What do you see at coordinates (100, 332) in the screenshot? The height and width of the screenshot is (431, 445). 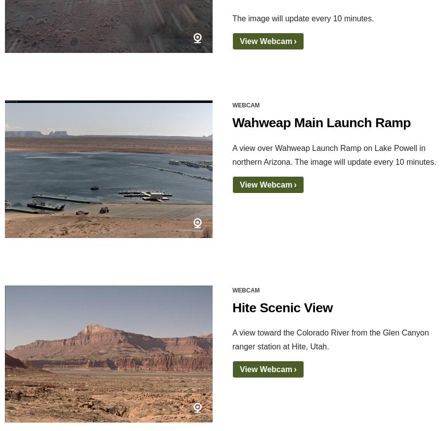 I see `'Twitter'` at bounding box center [100, 332].